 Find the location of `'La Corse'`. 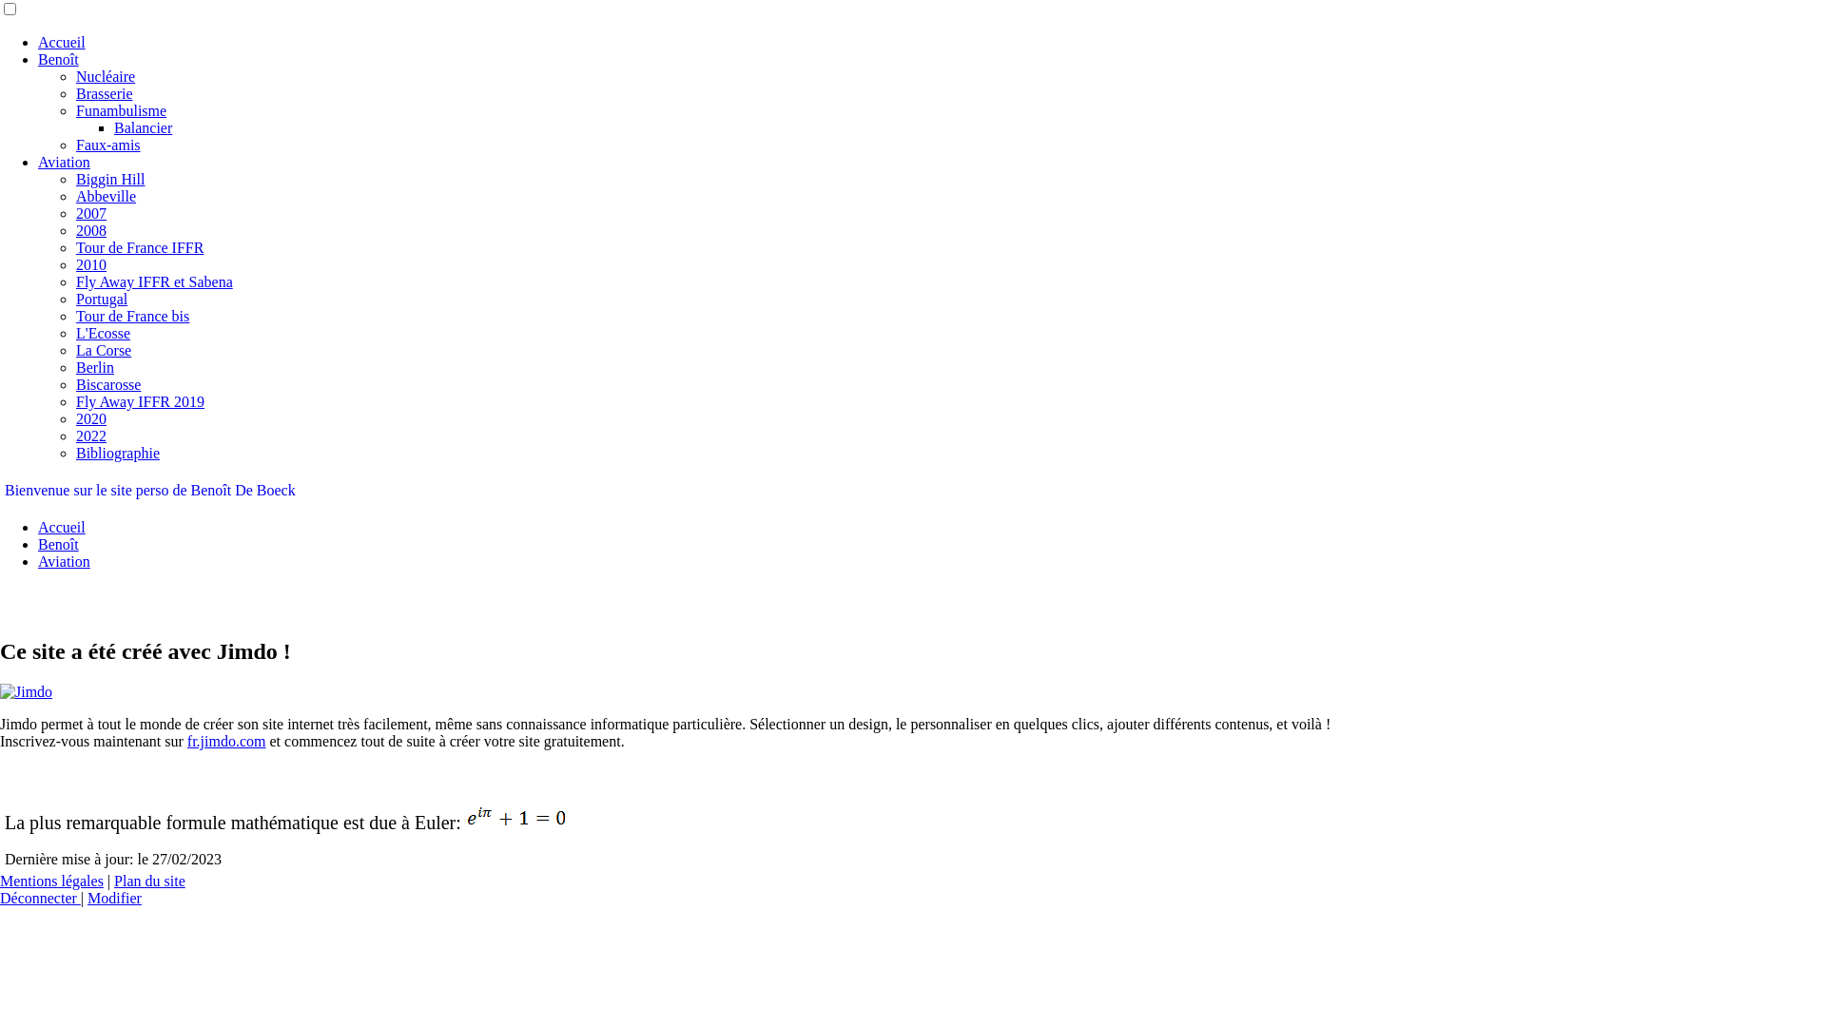

'La Corse' is located at coordinates (76, 350).